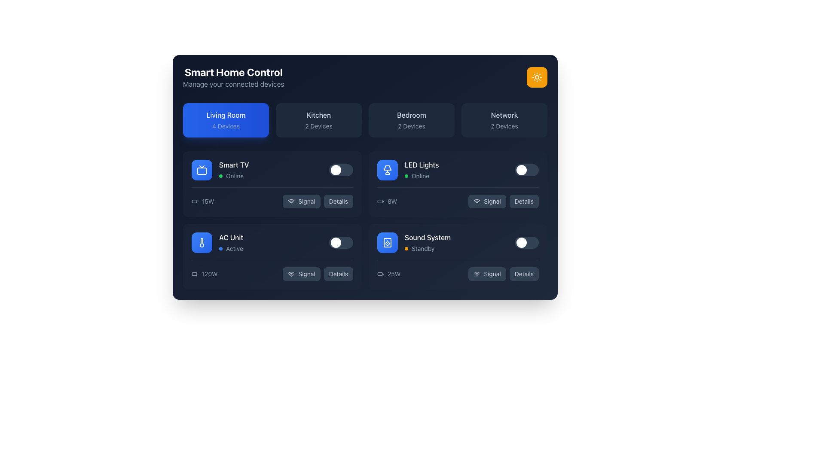 Image resolution: width=825 pixels, height=464 pixels. I want to click on the Wi-Fi signal icon, which is the leftmost content inside the 'Signal' button, located below the 'AC Unit' section, so click(291, 274).